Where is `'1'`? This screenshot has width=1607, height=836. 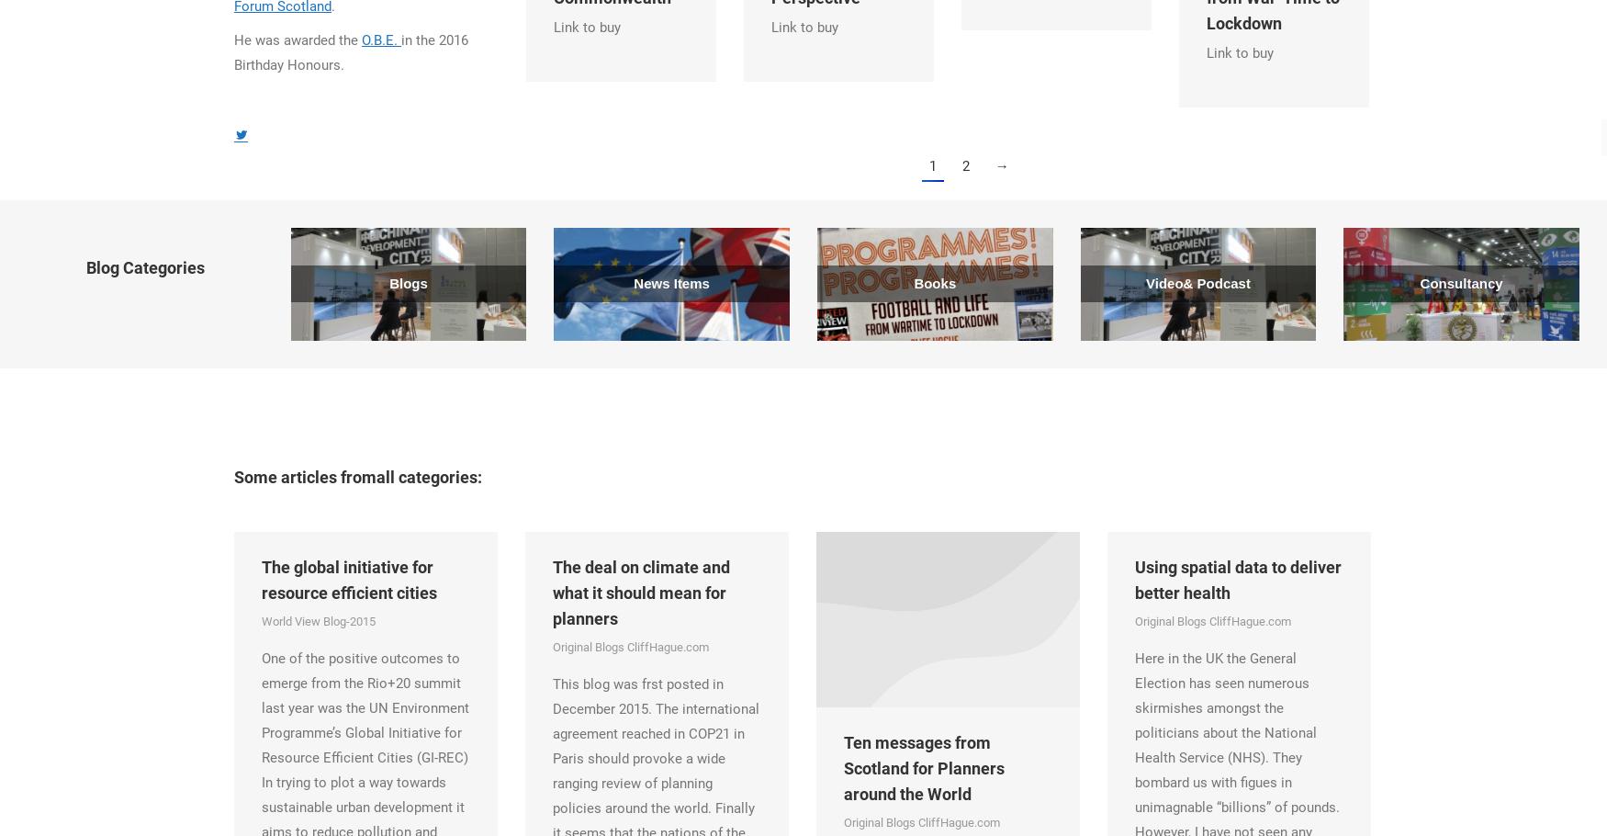 '1' is located at coordinates (930, 164).